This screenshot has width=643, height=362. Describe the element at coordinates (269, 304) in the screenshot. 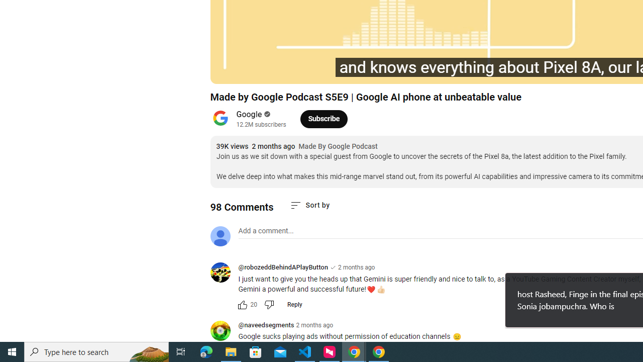

I see `'Dislike this comment'` at that location.